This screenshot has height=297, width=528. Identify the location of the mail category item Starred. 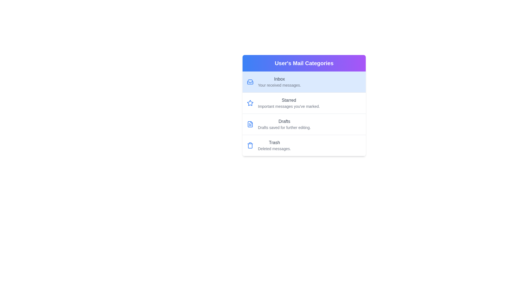
(304, 103).